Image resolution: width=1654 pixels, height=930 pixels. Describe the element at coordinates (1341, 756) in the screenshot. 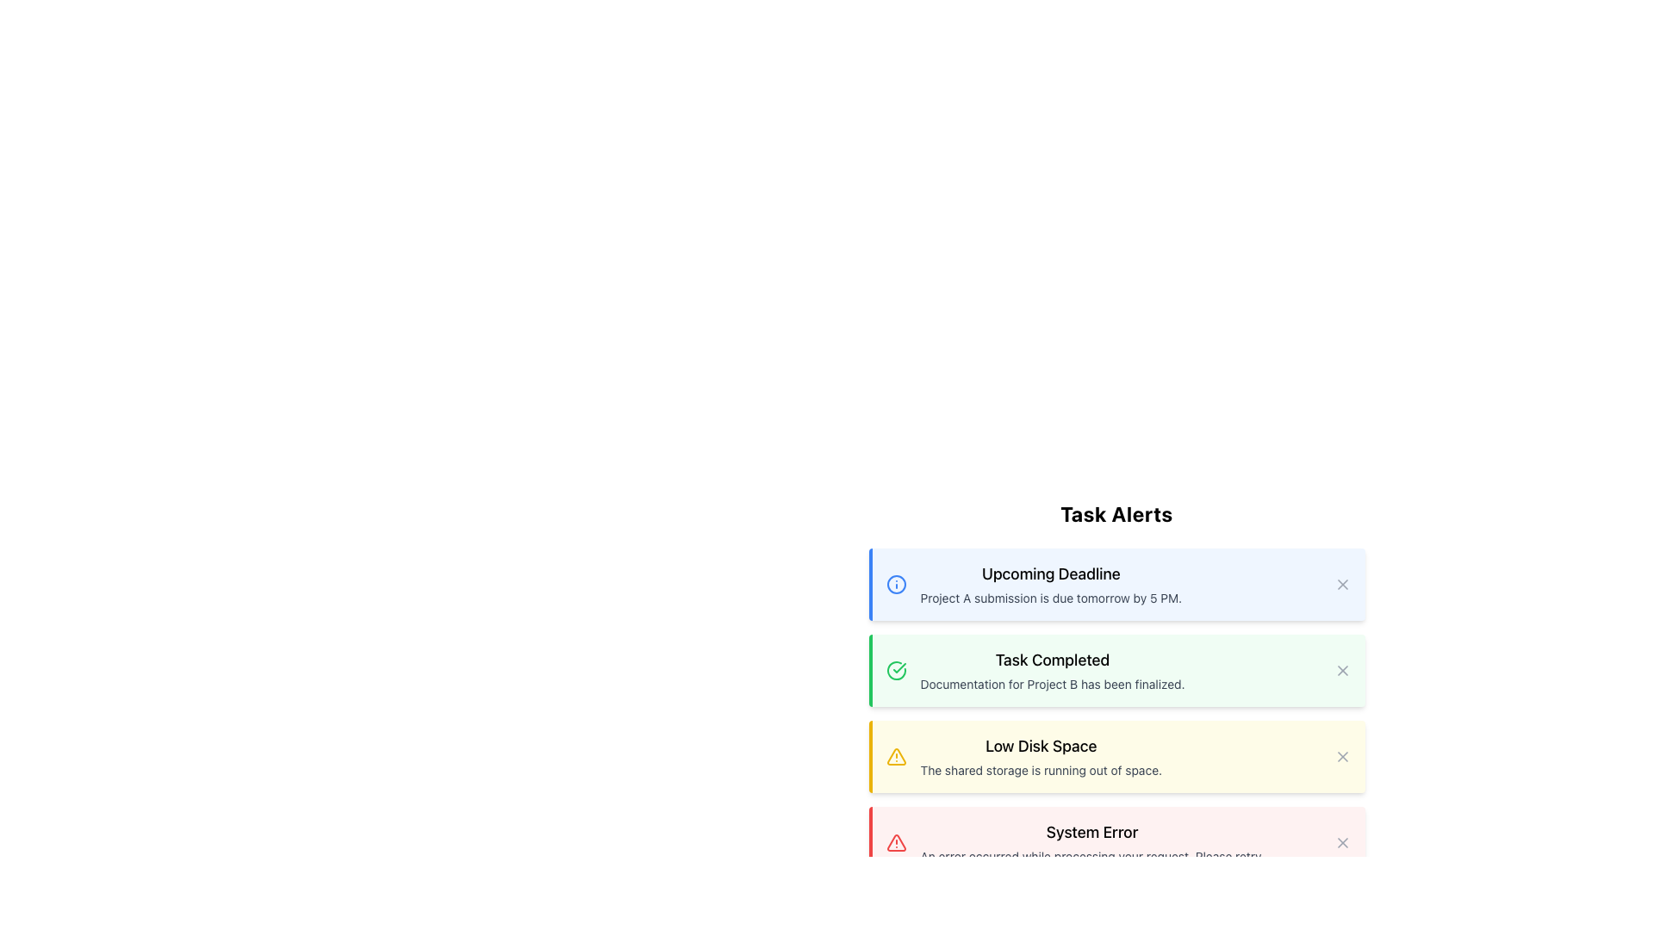

I see `the close button icon located in the top-right corner of the yellow warning card labeled 'Low Disk Space'` at that location.